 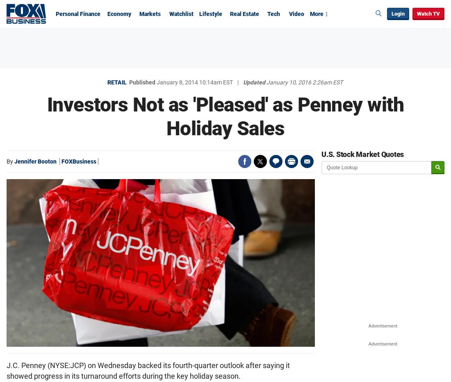 I want to click on 'Updated', so click(x=253, y=82).